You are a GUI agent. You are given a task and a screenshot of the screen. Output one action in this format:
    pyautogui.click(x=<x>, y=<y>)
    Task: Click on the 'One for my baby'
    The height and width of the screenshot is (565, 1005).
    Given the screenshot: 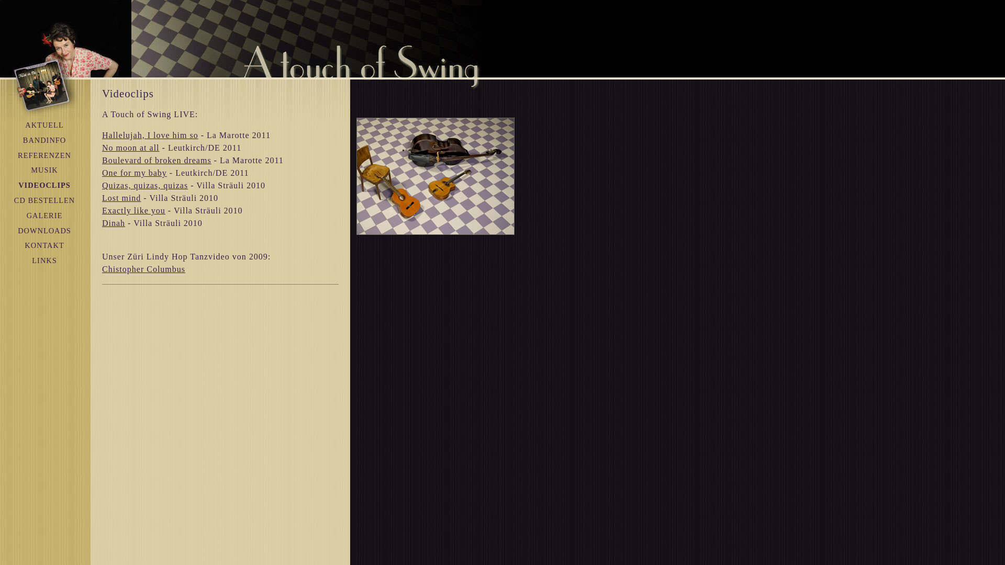 What is the action you would take?
    pyautogui.click(x=134, y=172)
    